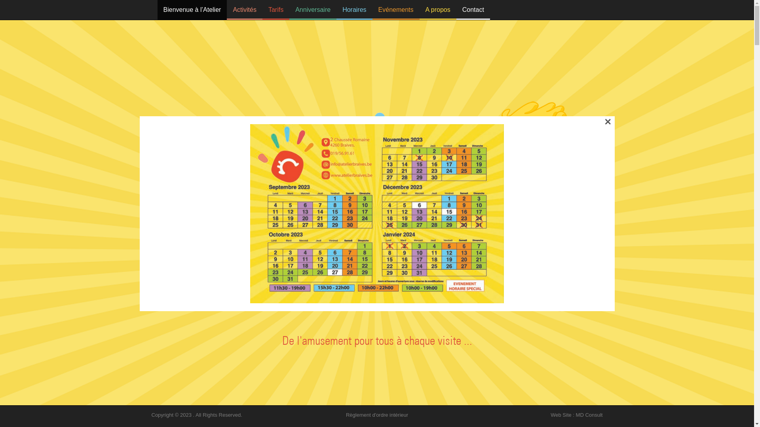 This screenshot has width=760, height=427. What do you see at coordinates (312, 9) in the screenshot?
I see `'Anniversaire'` at bounding box center [312, 9].